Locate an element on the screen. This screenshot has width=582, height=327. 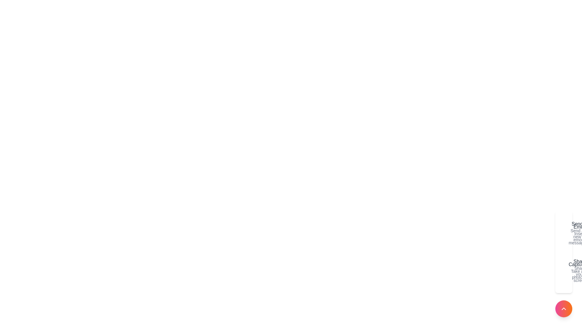
the action Emoji to highlight it is located at coordinates (570, 233).